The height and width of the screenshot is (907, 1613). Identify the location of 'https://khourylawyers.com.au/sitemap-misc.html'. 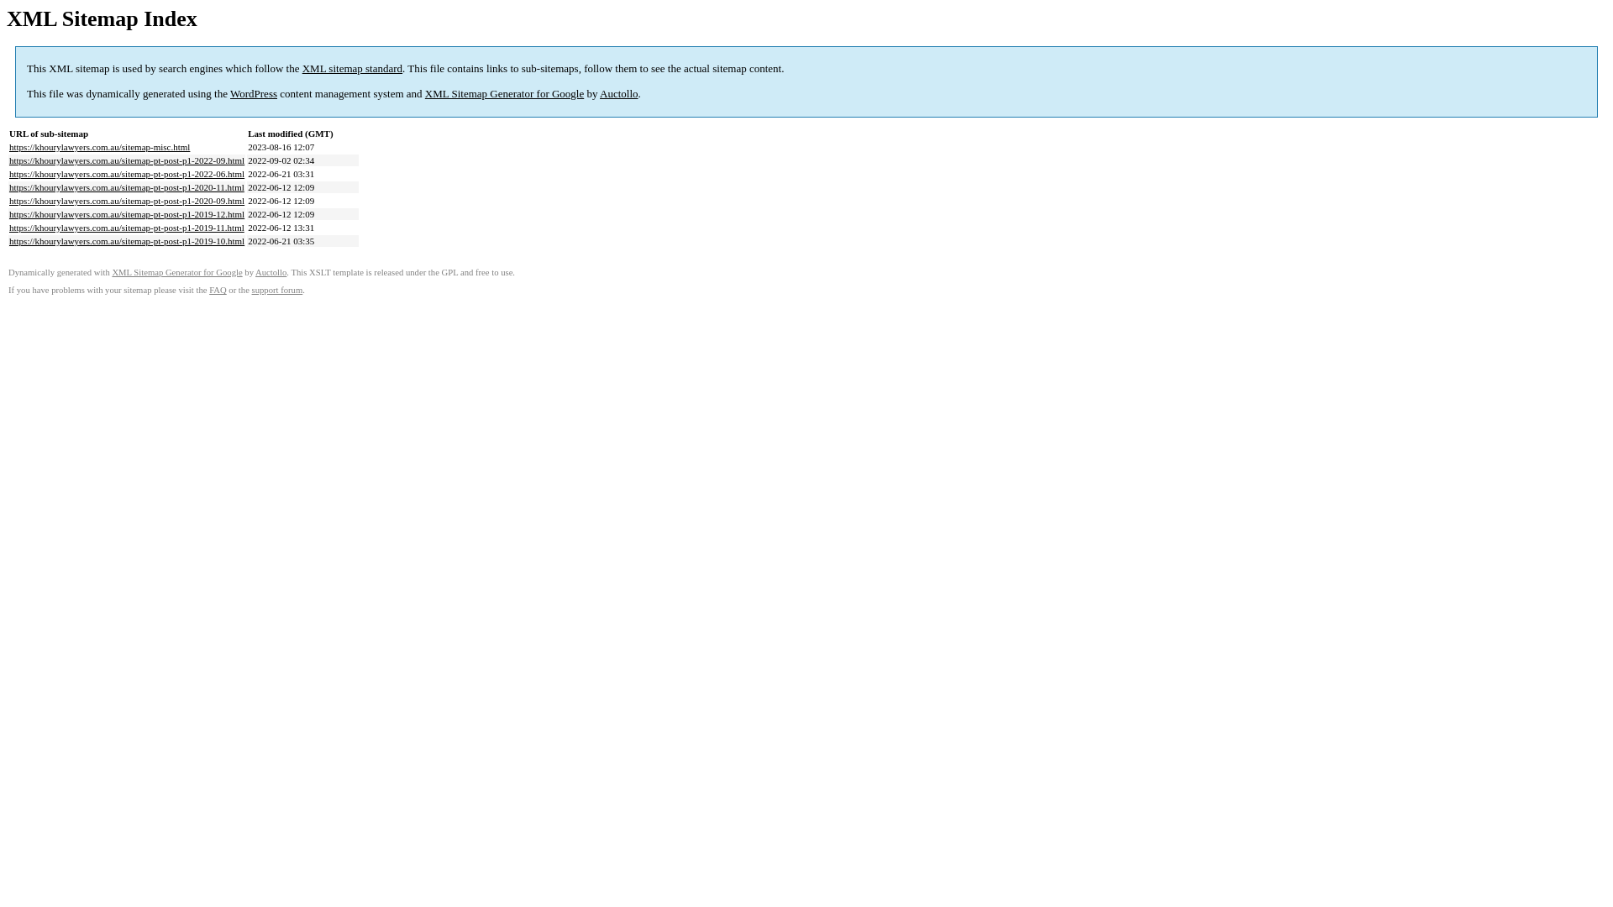
(98, 145).